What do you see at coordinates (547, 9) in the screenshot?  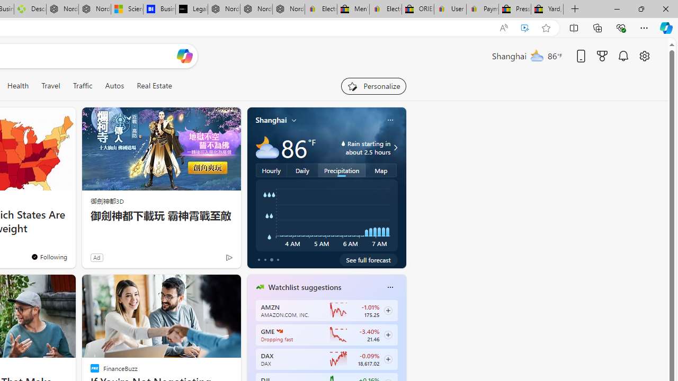 I see `'Yard, Garden & Outdoor Living'` at bounding box center [547, 9].